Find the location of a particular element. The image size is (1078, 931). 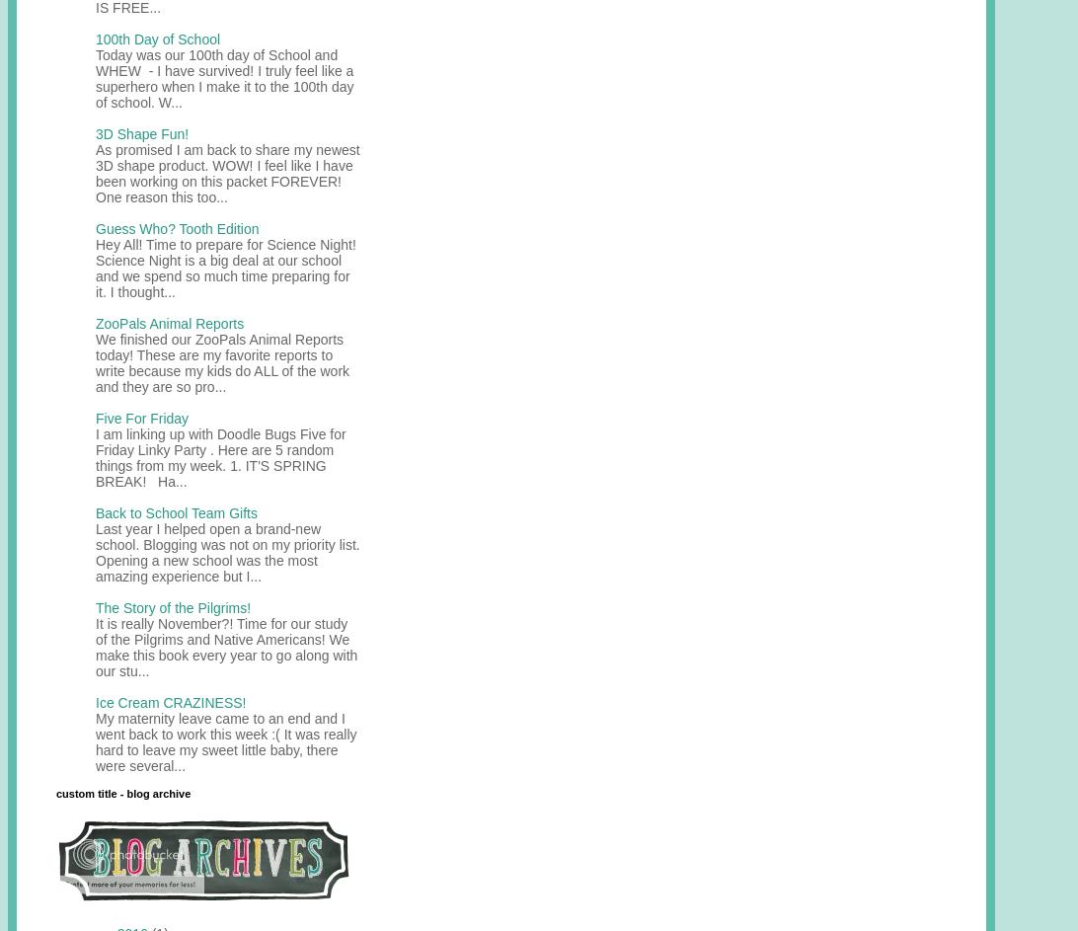

'Back to School Team Gifts' is located at coordinates (176, 511).